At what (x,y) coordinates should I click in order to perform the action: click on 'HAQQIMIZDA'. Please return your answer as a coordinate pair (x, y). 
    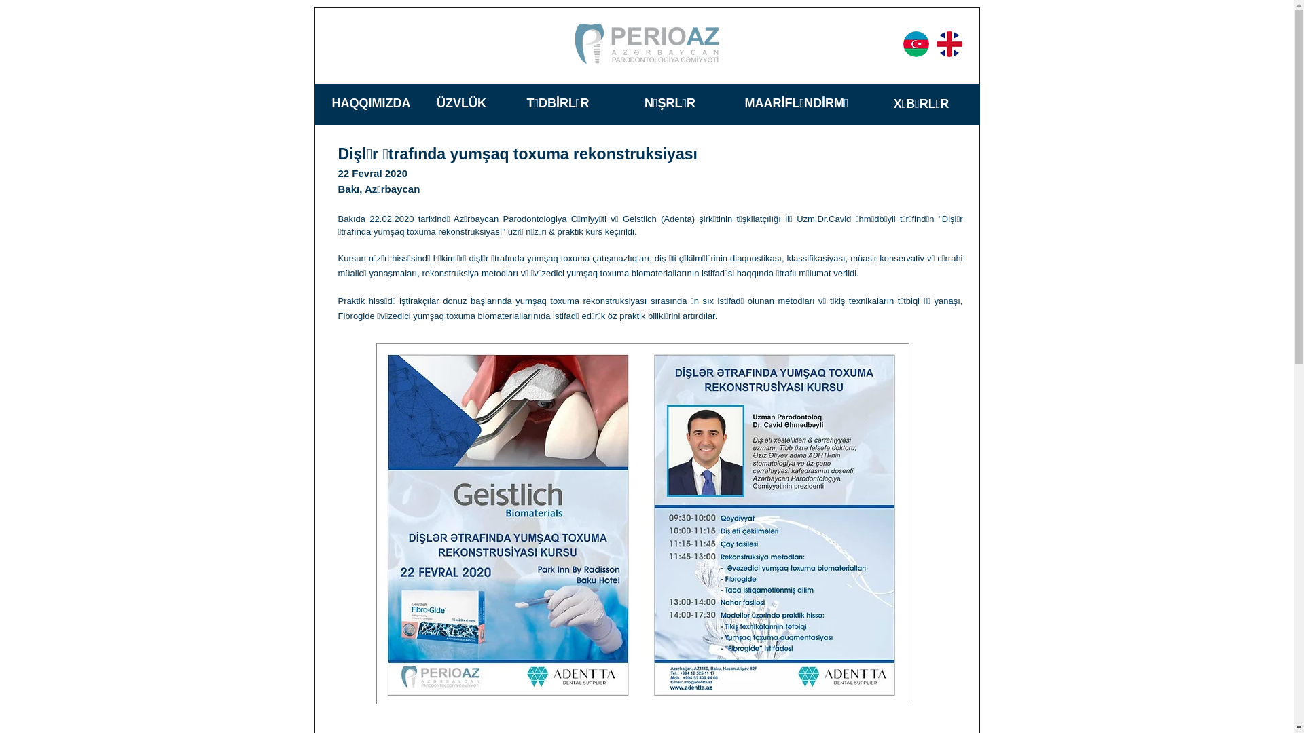
    Looking at the image, I should click on (331, 102).